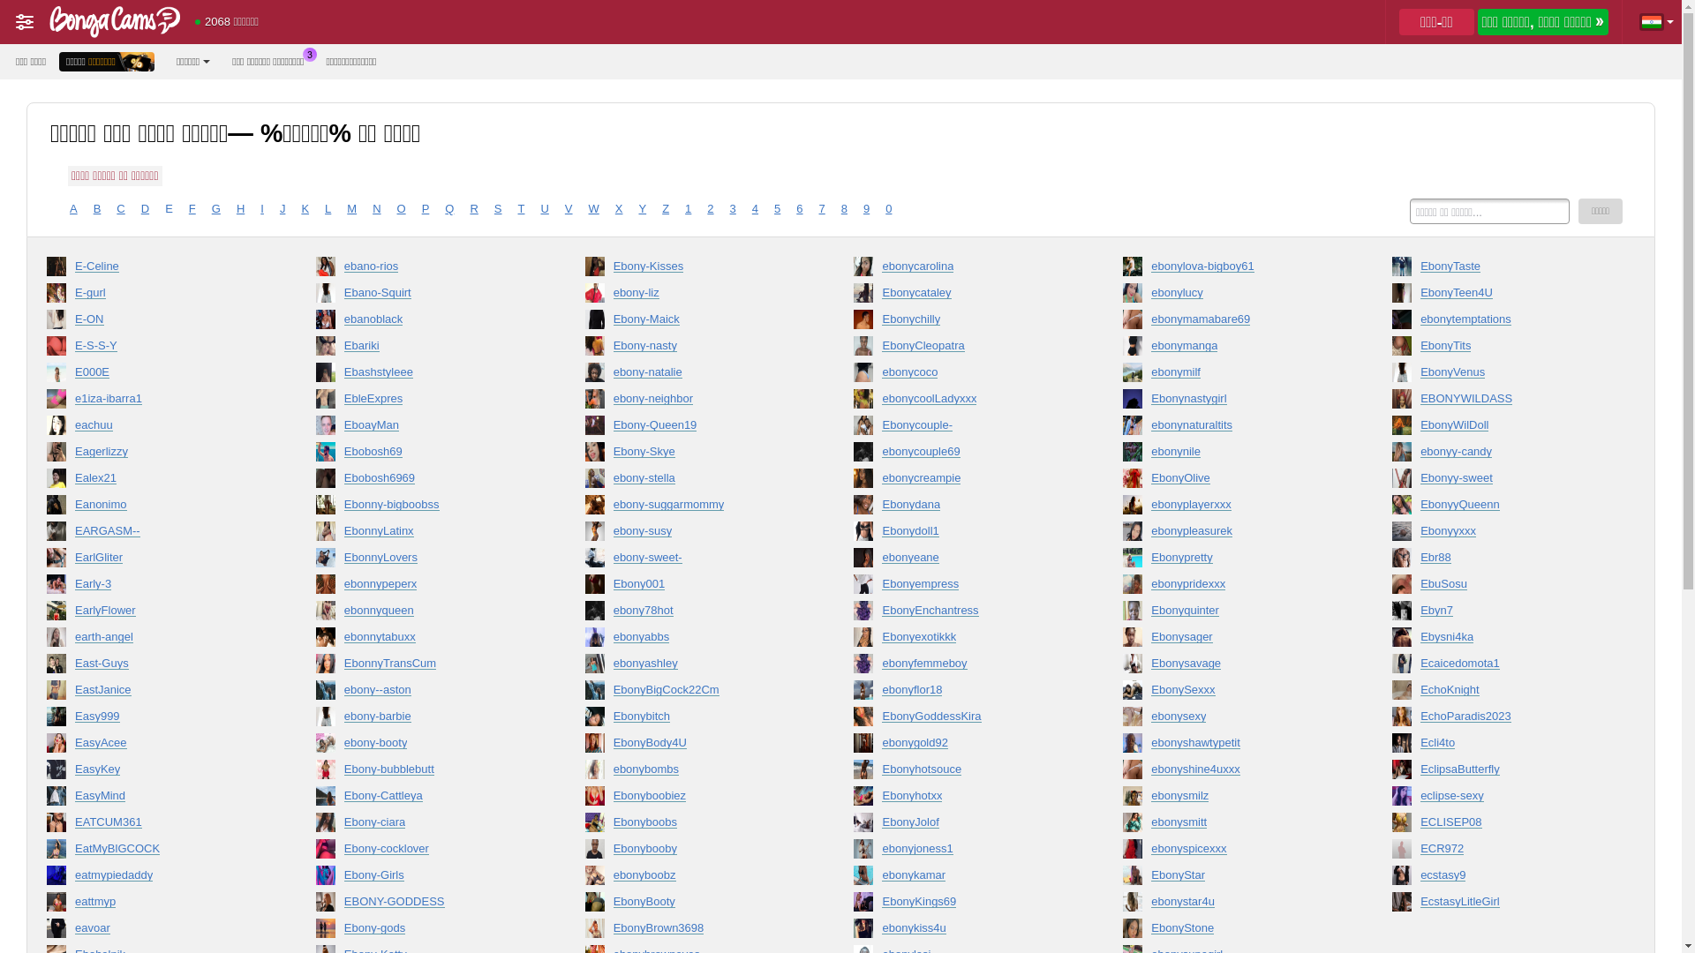 The width and height of the screenshot is (1695, 953). I want to click on 'N', so click(375, 207).